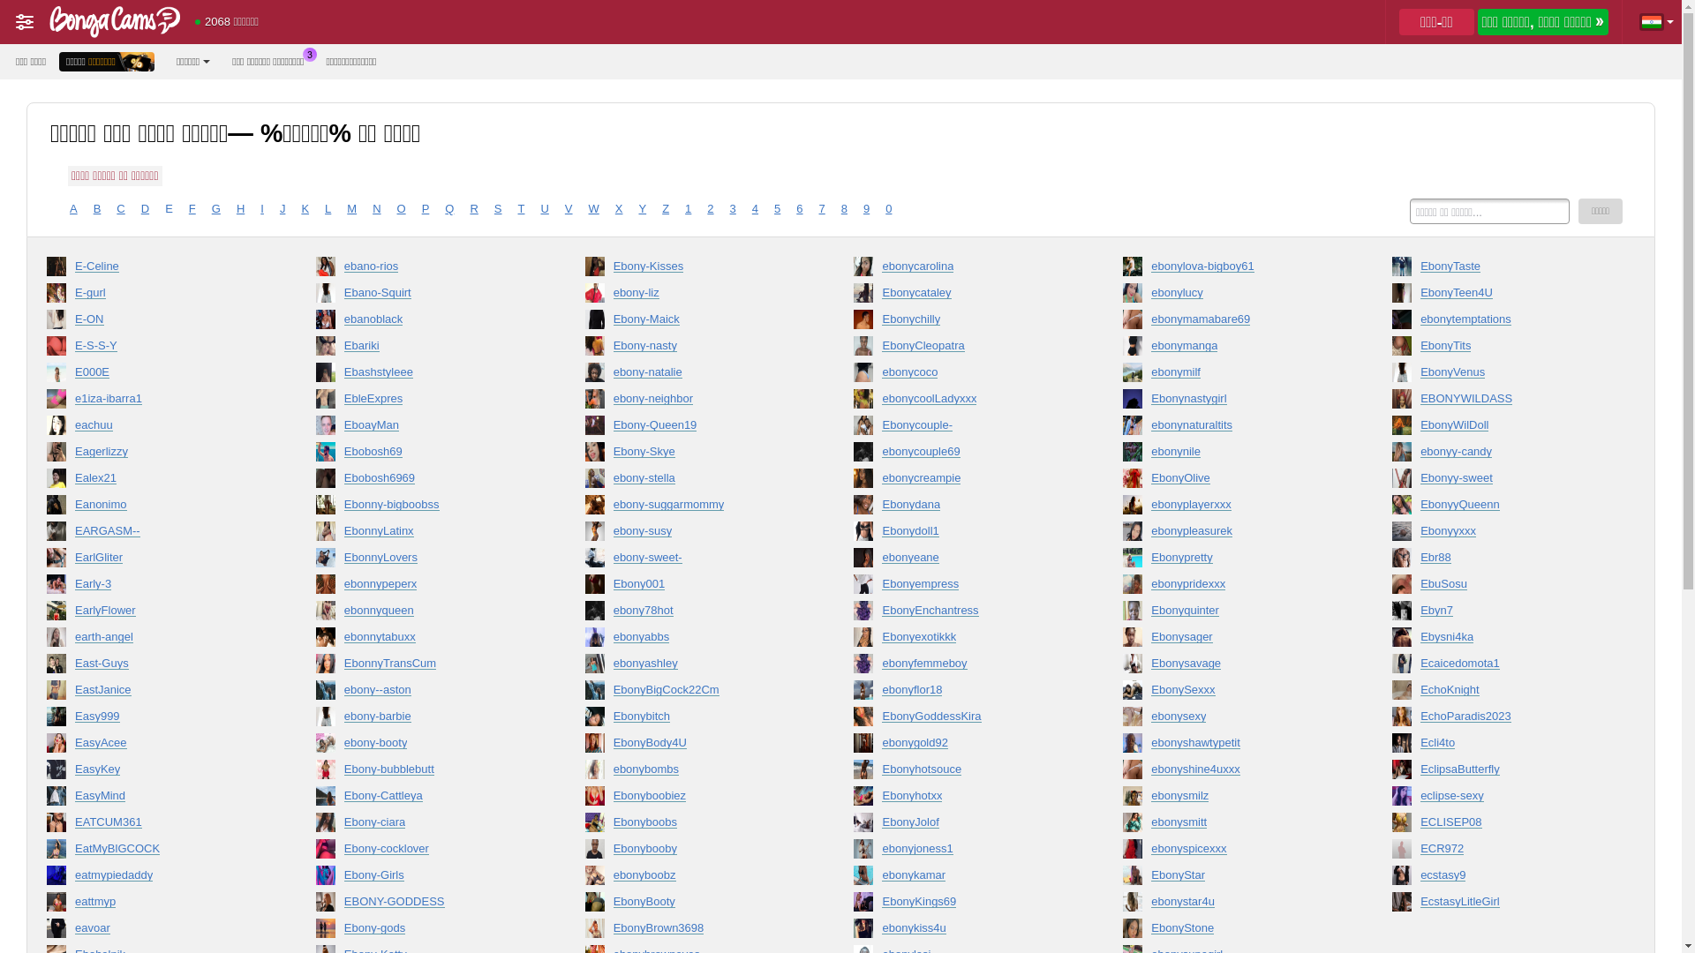 The width and height of the screenshot is (1695, 953). I want to click on 'N', so click(375, 207).